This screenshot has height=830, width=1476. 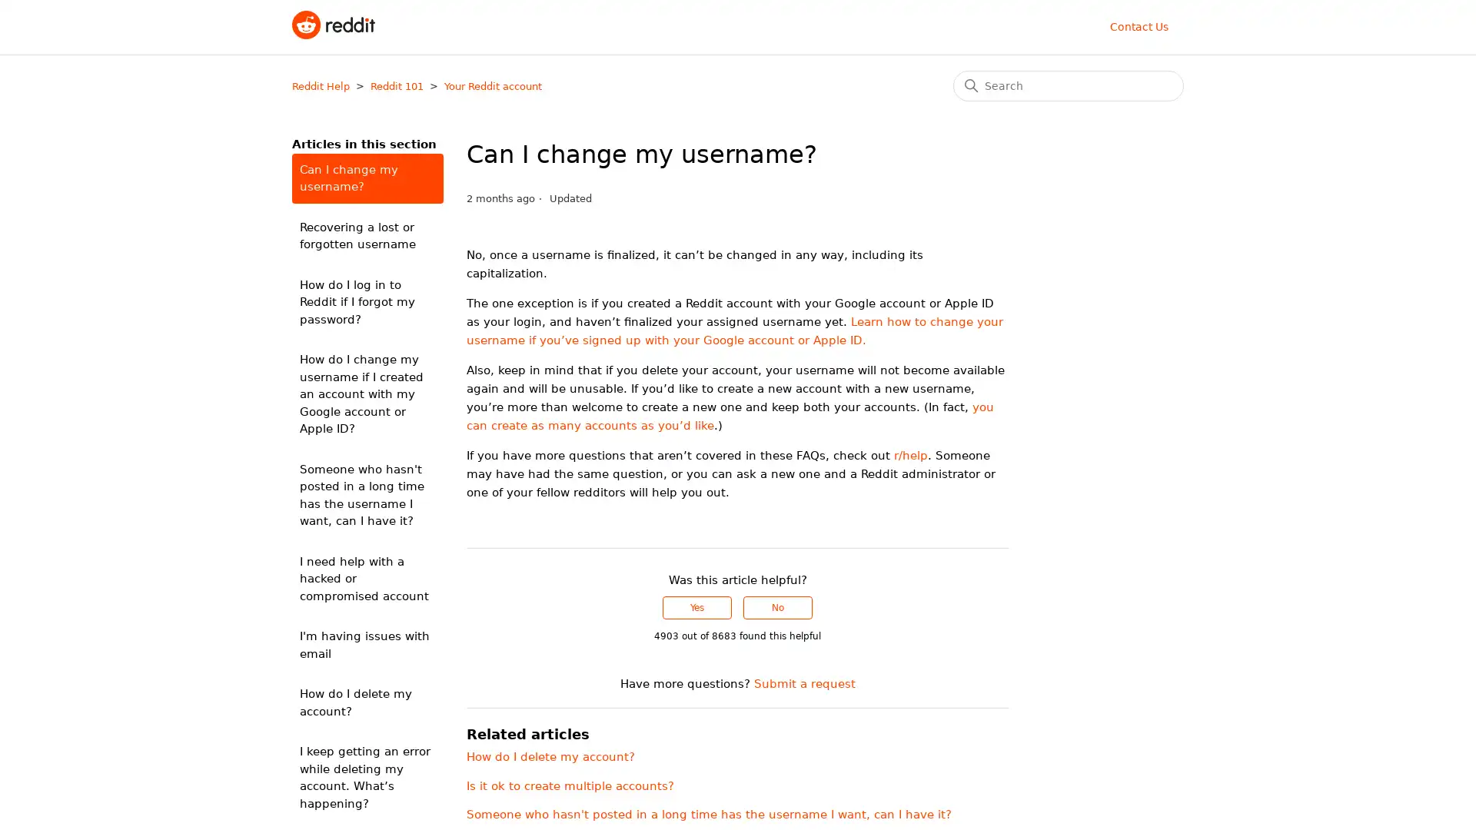 What do you see at coordinates (778, 606) in the screenshot?
I see `This article was not helpful` at bounding box center [778, 606].